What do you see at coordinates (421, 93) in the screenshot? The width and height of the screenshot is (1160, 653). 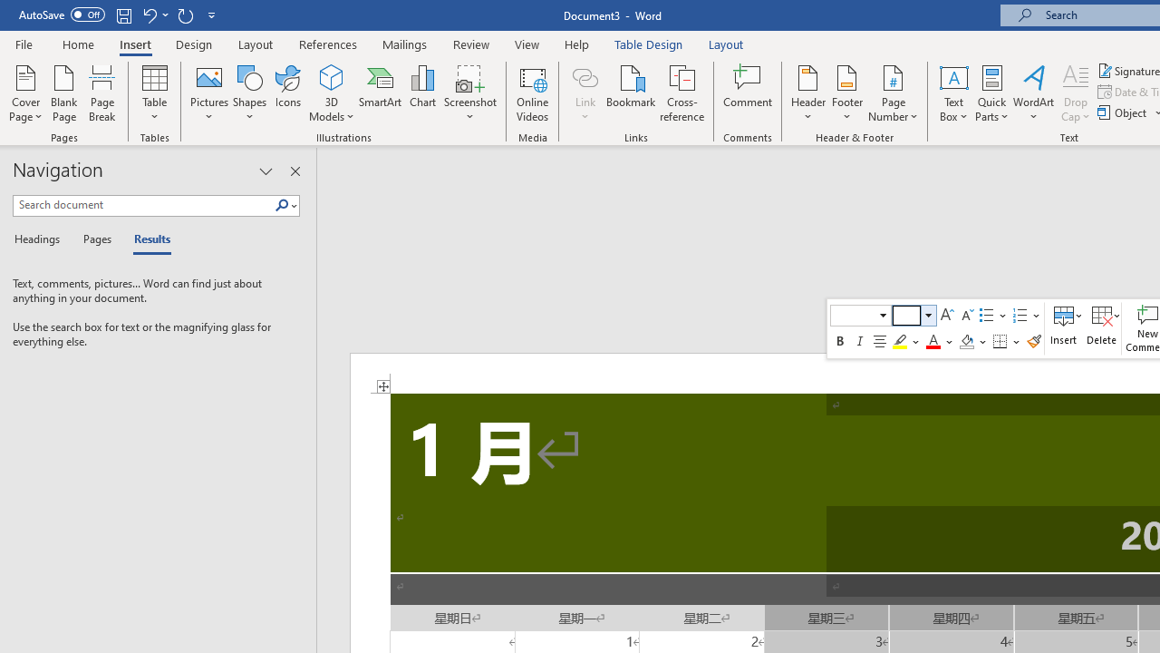 I see `'Chart...'` at bounding box center [421, 93].